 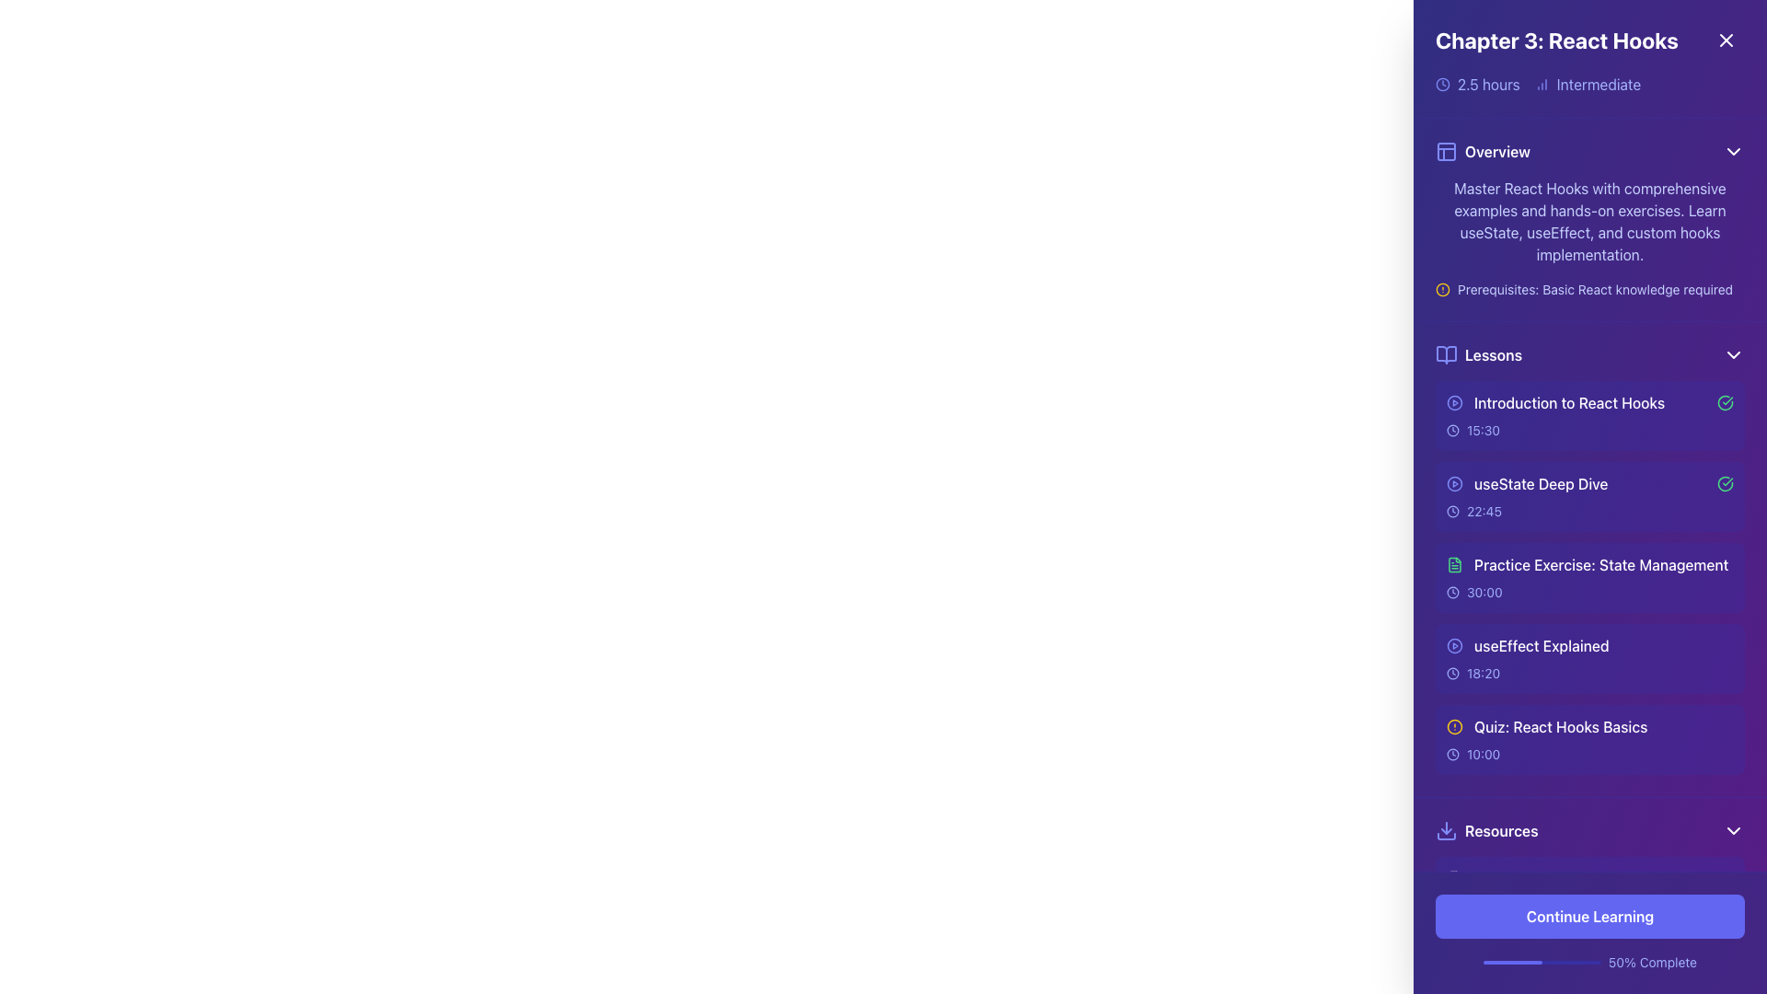 What do you see at coordinates (1453, 482) in the screenshot?
I see `the filled circular shape within the glyph design for the 'useState Deep Dive' lesson` at bounding box center [1453, 482].